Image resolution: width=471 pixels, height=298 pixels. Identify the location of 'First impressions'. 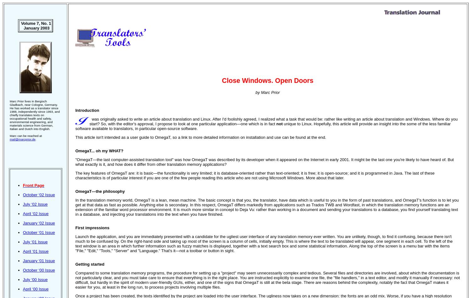
(75, 228).